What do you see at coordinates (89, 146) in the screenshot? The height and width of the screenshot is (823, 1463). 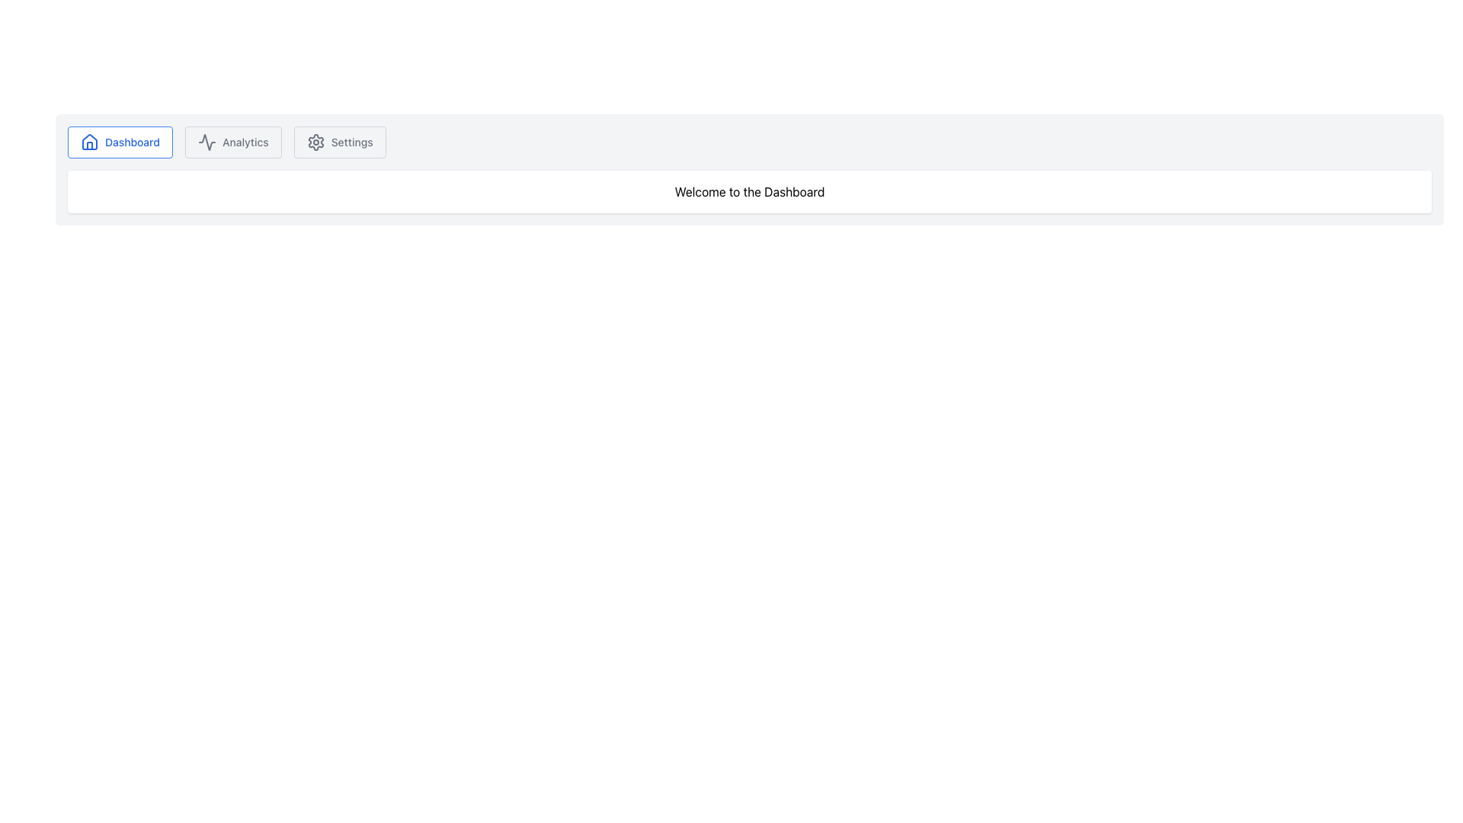 I see `vertical rectangle element that represents the door of the house icon located on the left side of the main navigation bar` at bounding box center [89, 146].